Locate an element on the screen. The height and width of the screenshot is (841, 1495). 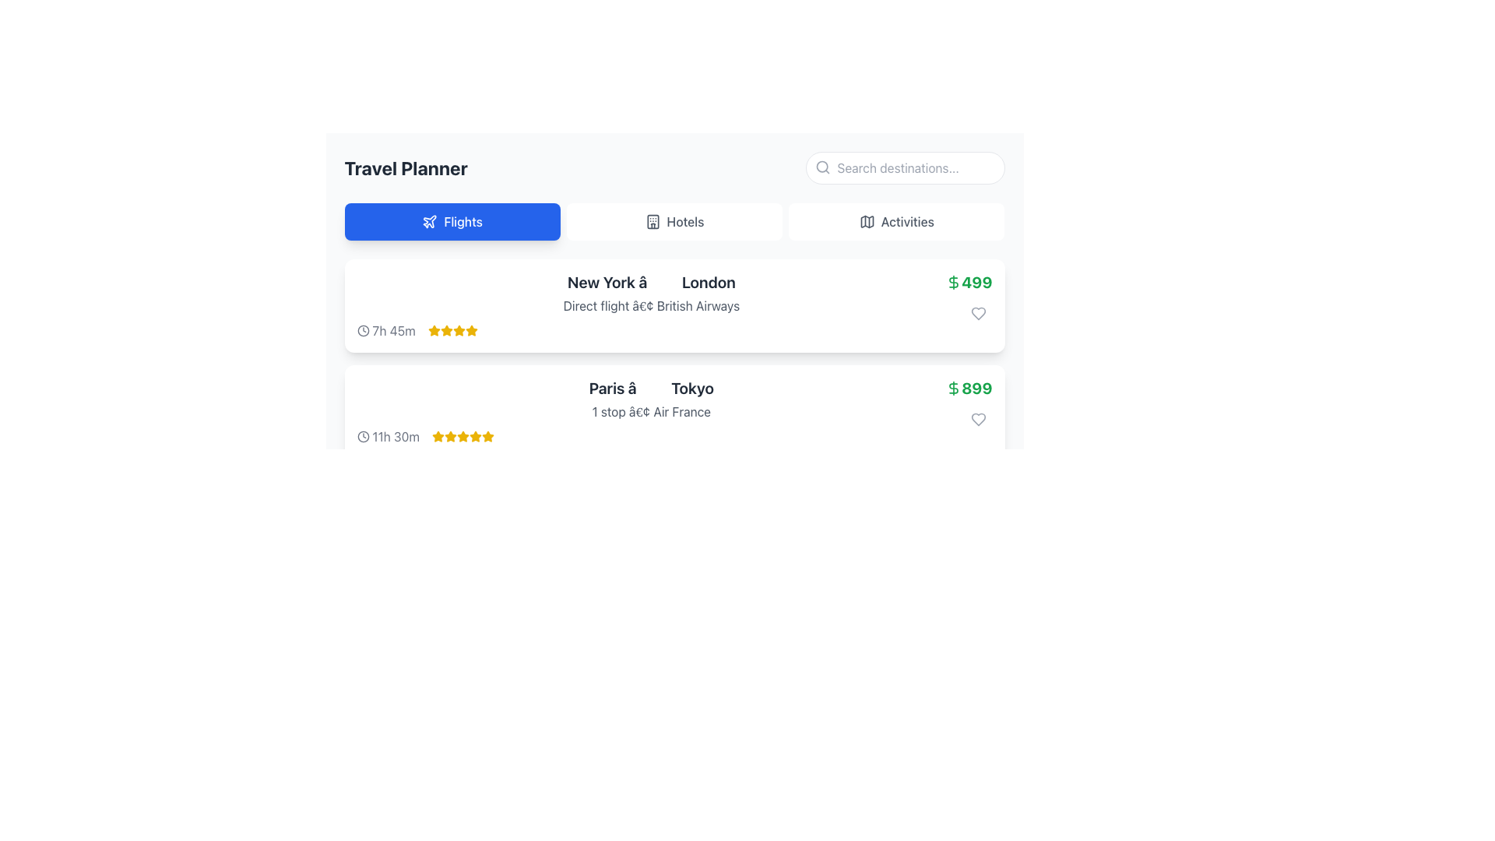
the favorite icon located to the immediate right of the $499 price label in the topmost travel option to favorite or unfavorite the item is located at coordinates (977, 313).